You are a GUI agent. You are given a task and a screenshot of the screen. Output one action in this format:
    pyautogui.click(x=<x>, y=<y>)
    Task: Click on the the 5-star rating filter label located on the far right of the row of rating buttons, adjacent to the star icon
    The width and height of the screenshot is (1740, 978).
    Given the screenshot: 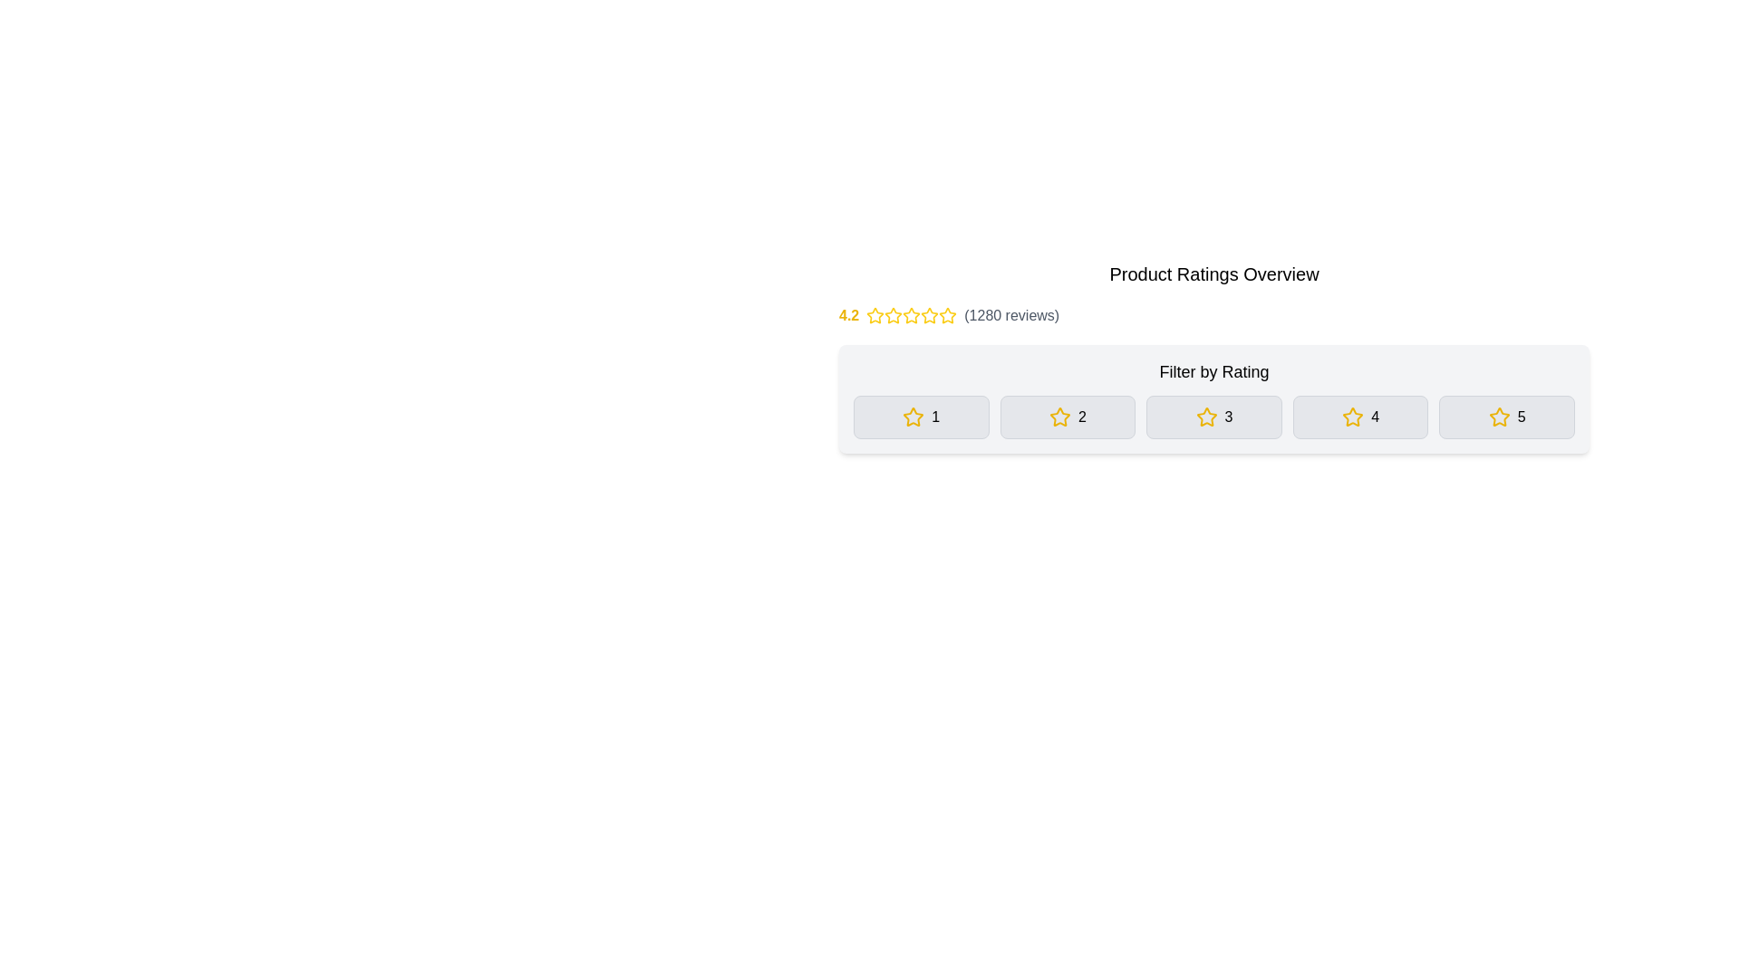 What is the action you would take?
    pyautogui.click(x=1522, y=417)
    